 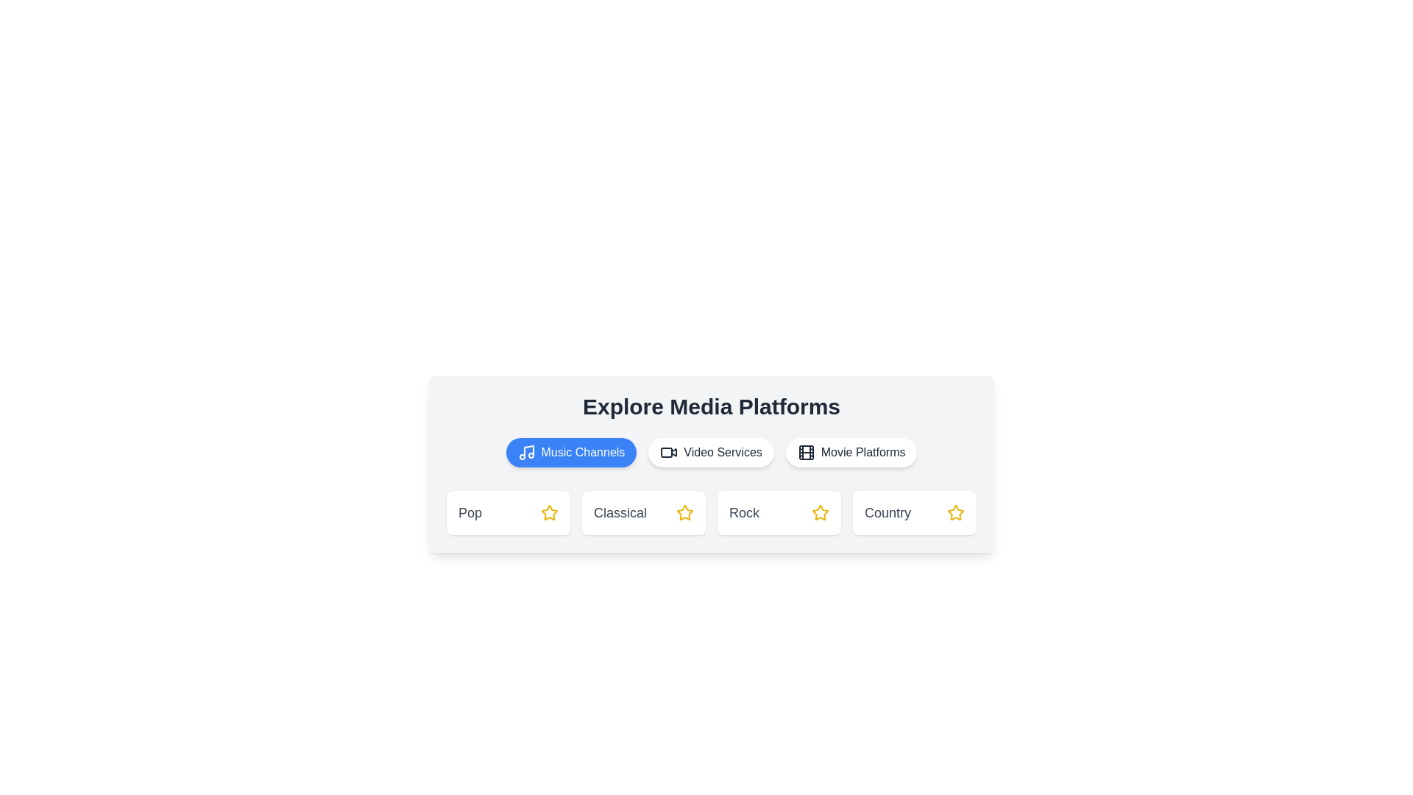 What do you see at coordinates (744, 512) in the screenshot?
I see `the text label displaying the word 'Rock' in a medium-sized, gray font, located in the third block from the left of a horizontal row of selectable blocks, to the left of a star icon` at bounding box center [744, 512].